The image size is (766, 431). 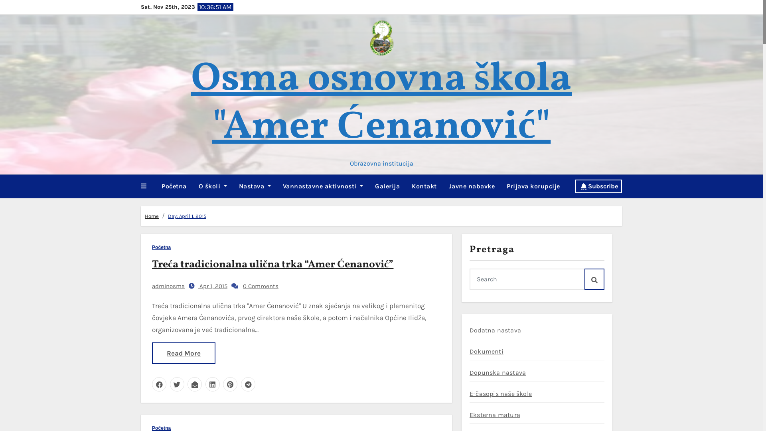 I want to click on 'Dodatna nastava', so click(x=495, y=330).